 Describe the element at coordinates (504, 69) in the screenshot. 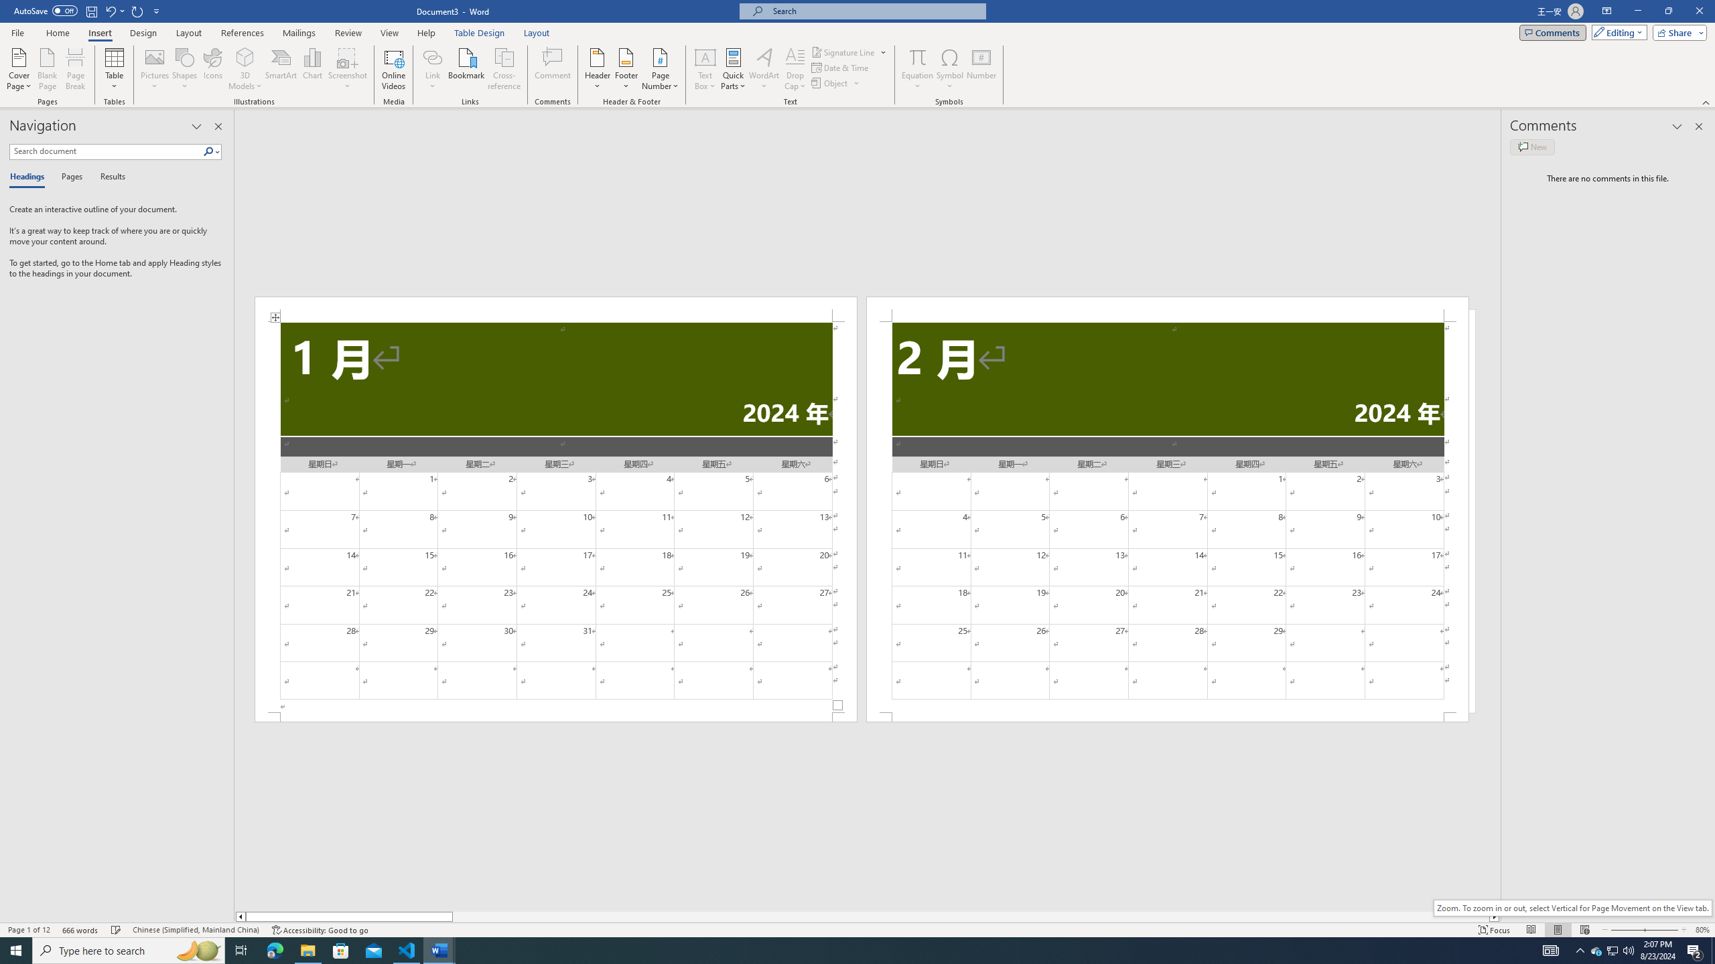

I see `'Cross-reference...'` at that location.